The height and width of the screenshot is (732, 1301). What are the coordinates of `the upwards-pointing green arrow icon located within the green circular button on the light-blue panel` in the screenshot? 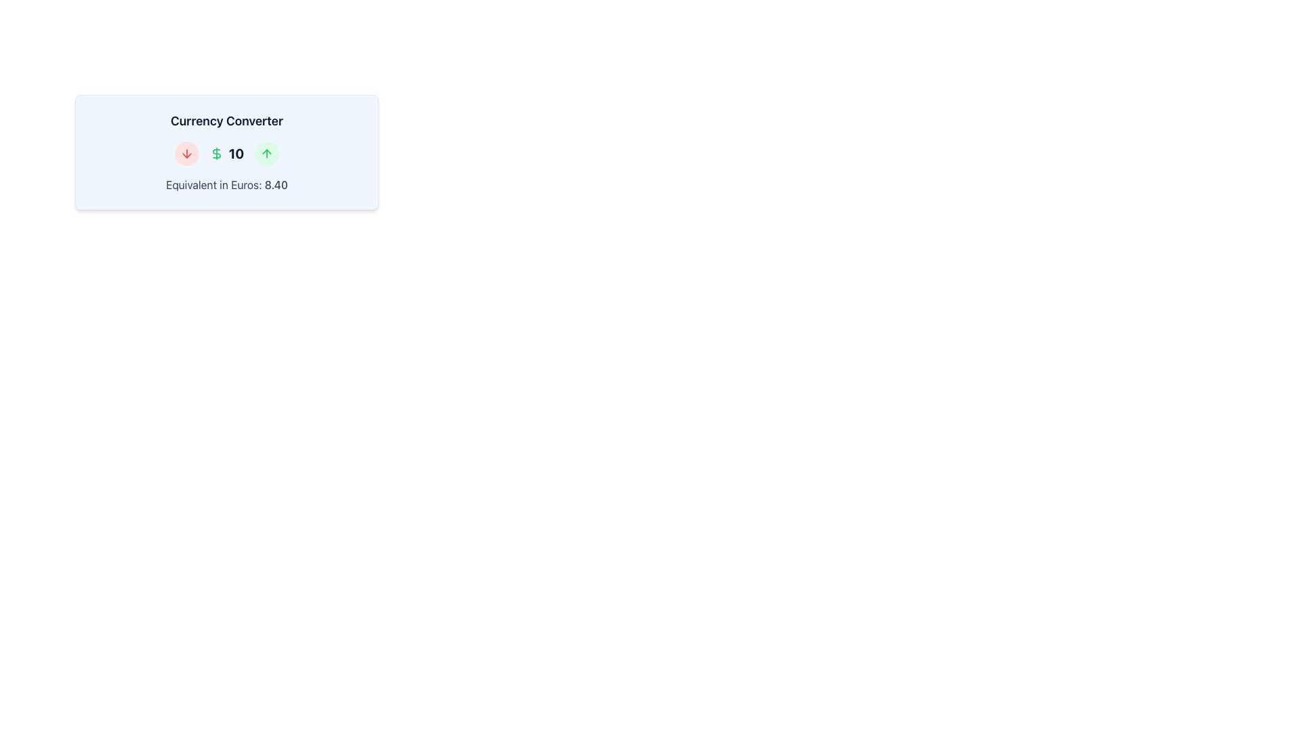 It's located at (267, 153).